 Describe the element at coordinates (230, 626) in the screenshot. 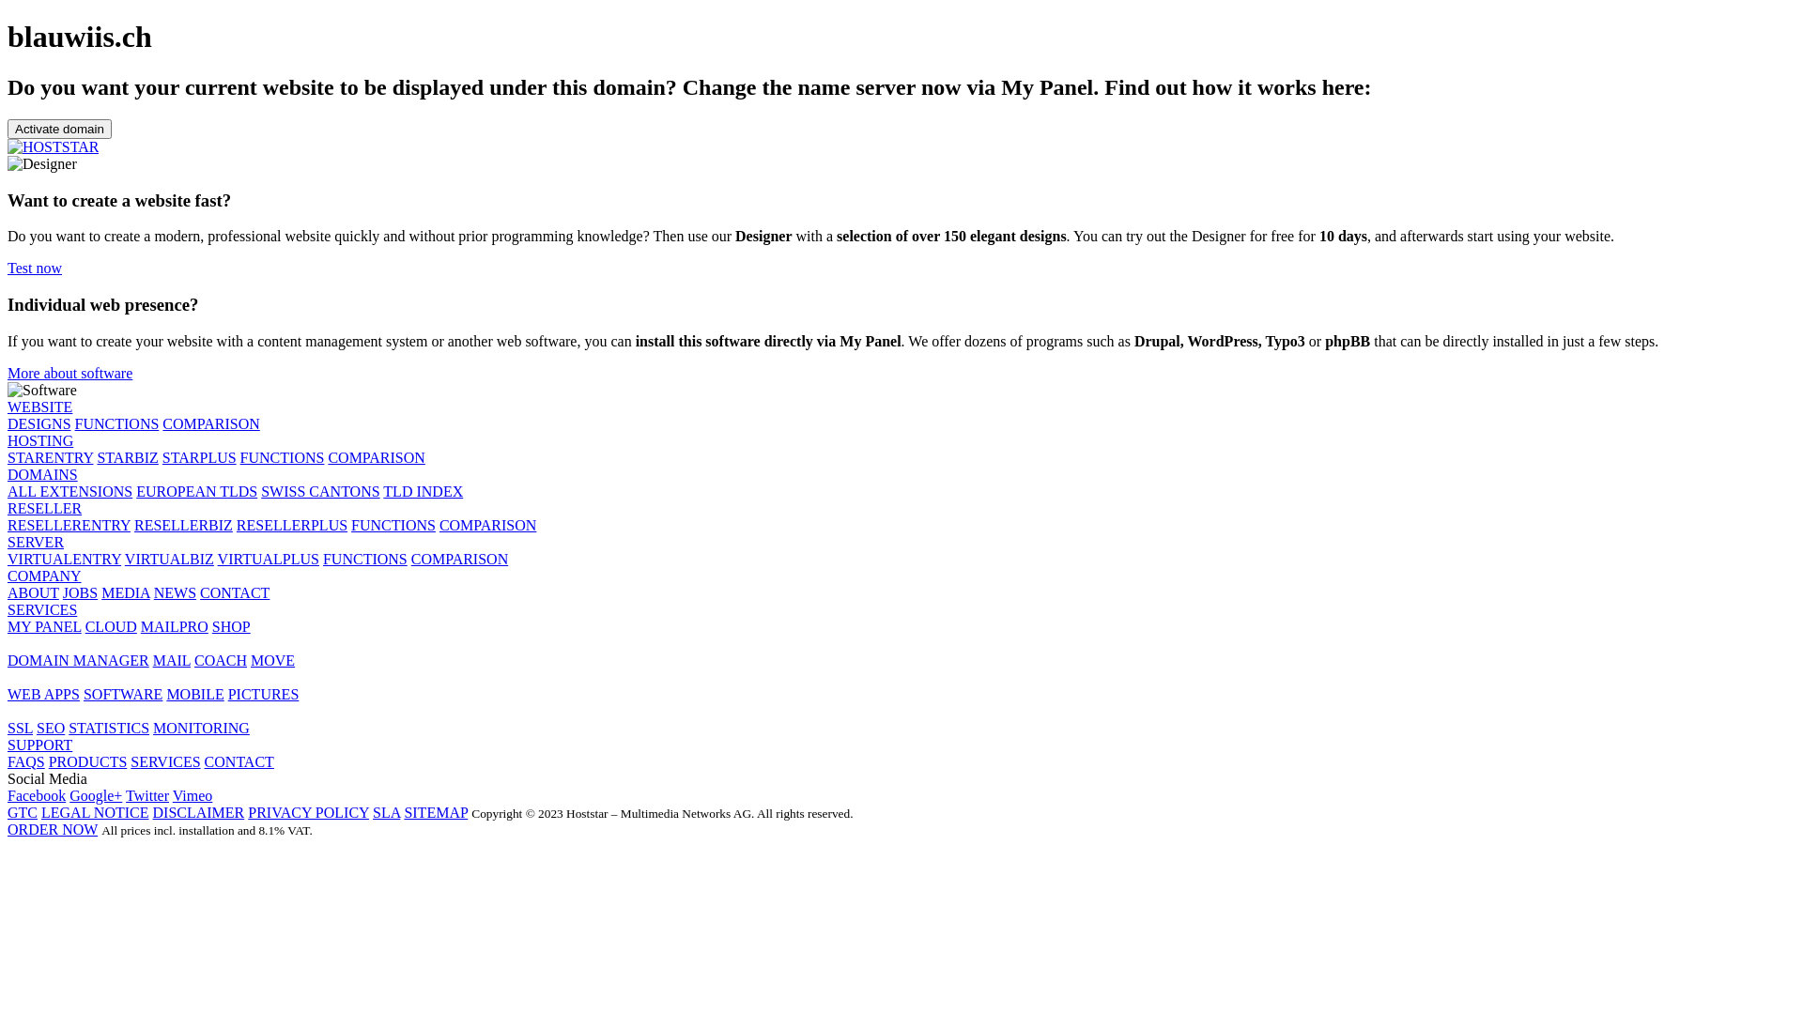

I see `'SHOP'` at that location.